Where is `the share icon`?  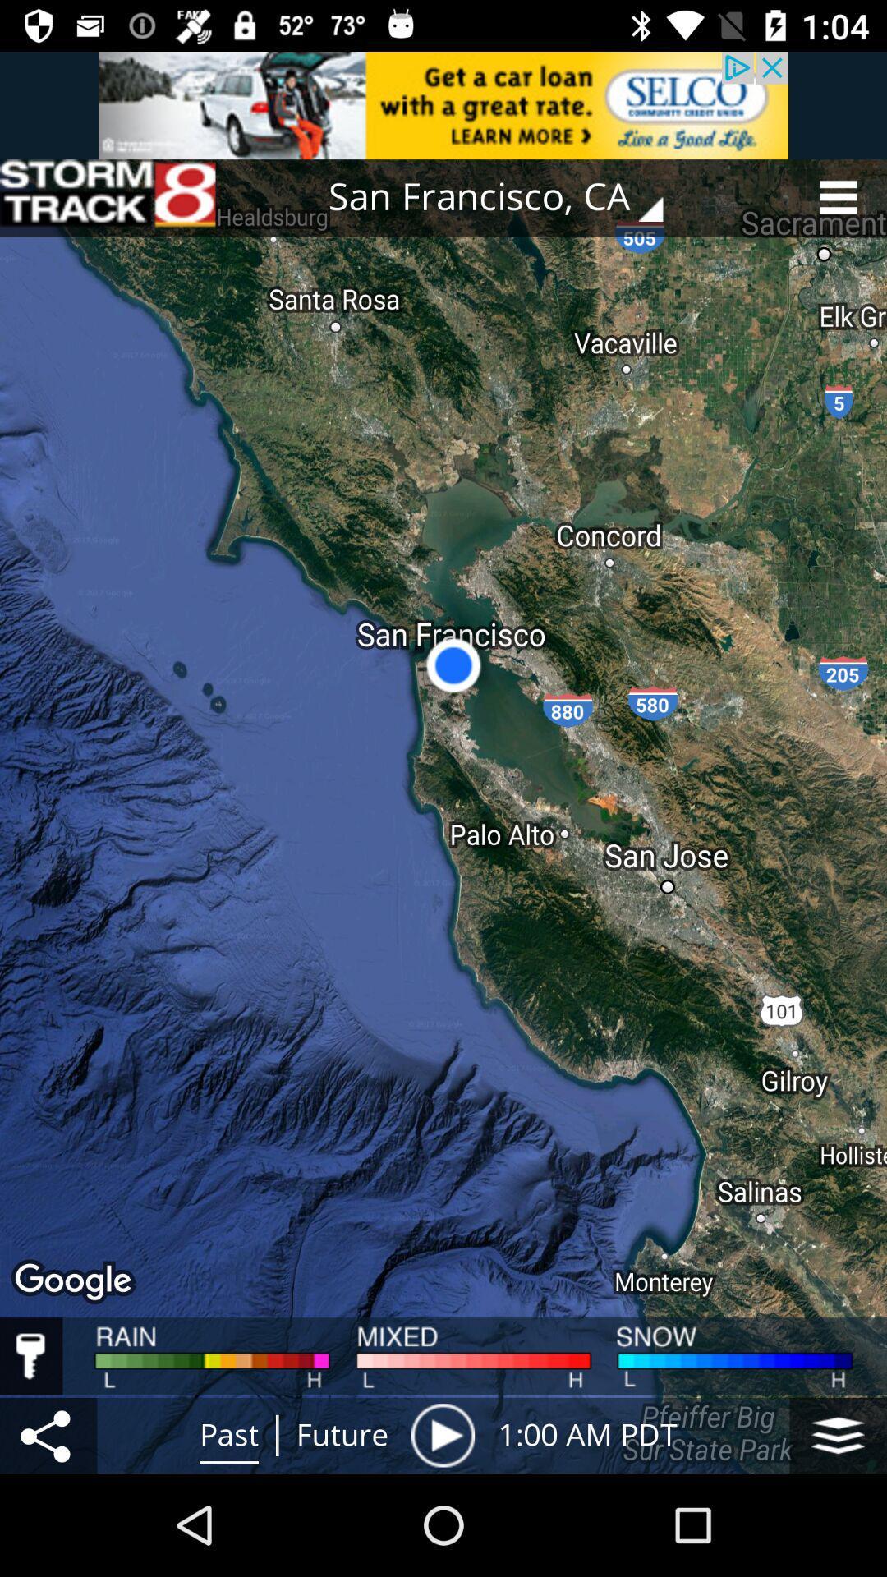 the share icon is located at coordinates (48, 1434).